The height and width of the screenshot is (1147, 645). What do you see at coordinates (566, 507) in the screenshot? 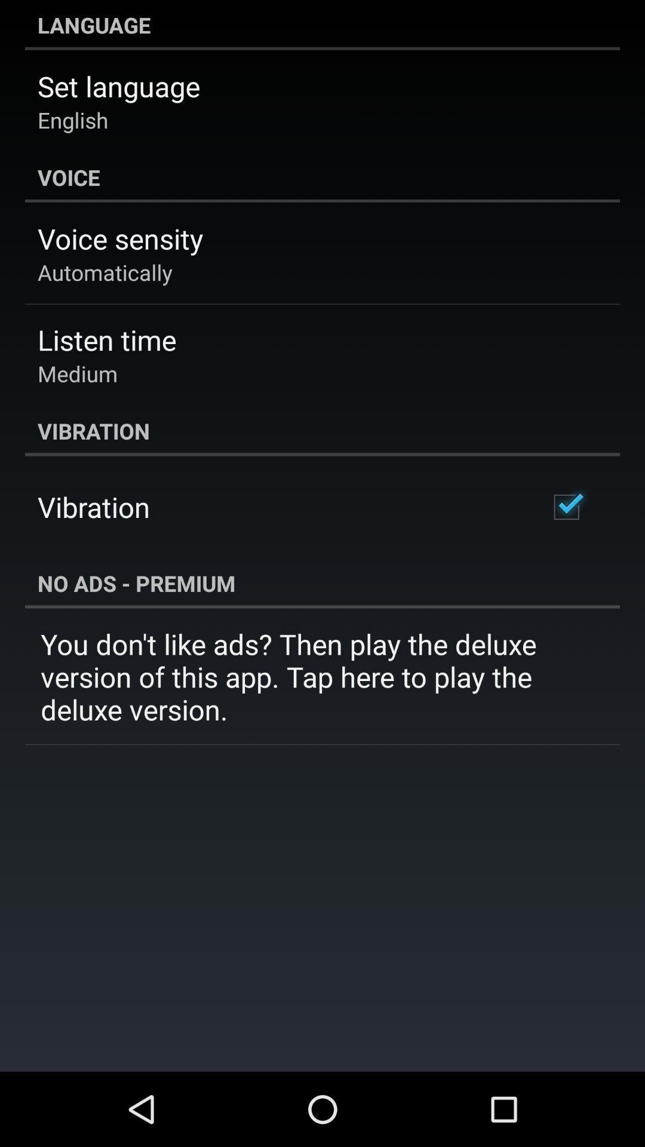
I see `checkbox on the right` at bounding box center [566, 507].